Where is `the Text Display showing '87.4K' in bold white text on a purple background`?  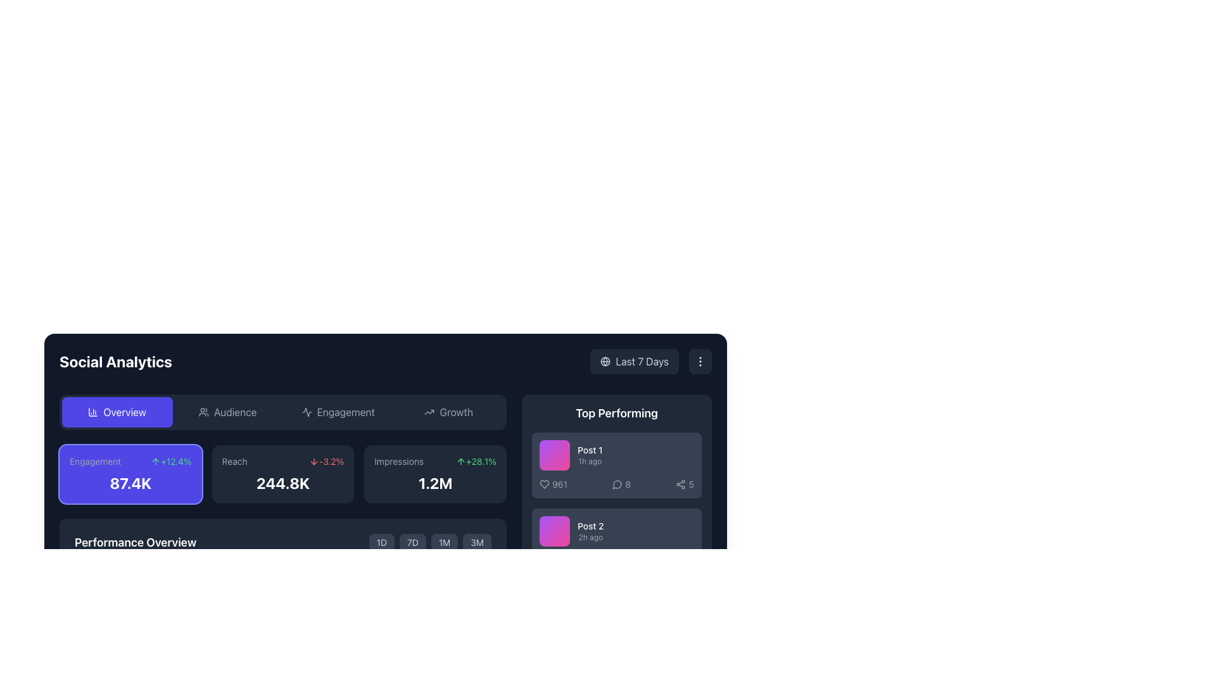
the Text Display showing '87.4K' in bold white text on a purple background is located at coordinates (130, 483).